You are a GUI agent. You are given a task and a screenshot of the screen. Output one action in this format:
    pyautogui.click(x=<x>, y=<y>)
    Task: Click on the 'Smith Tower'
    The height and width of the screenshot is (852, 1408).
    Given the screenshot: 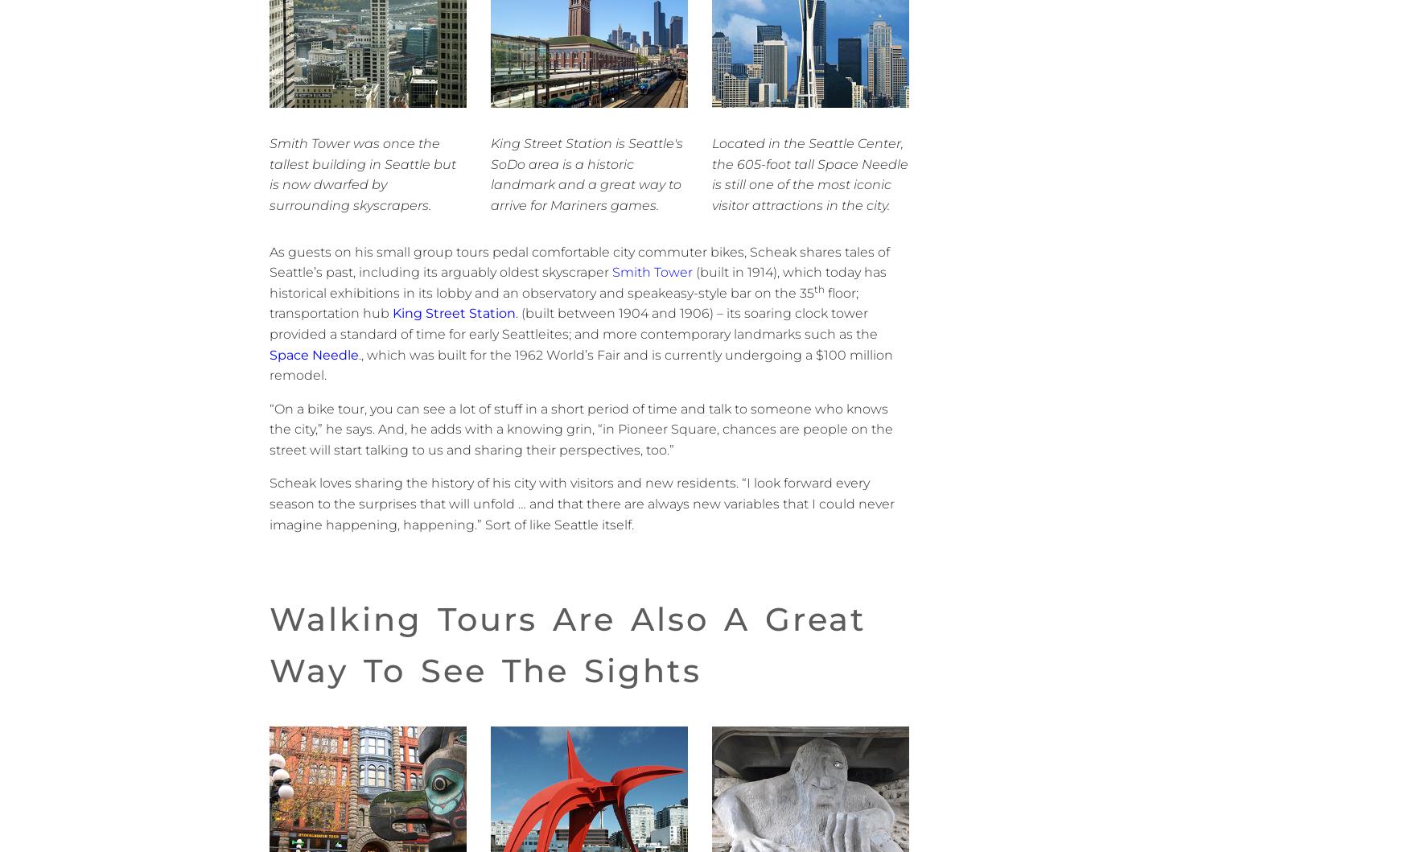 What is the action you would take?
    pyautogui.click(x=651, y=271)
    